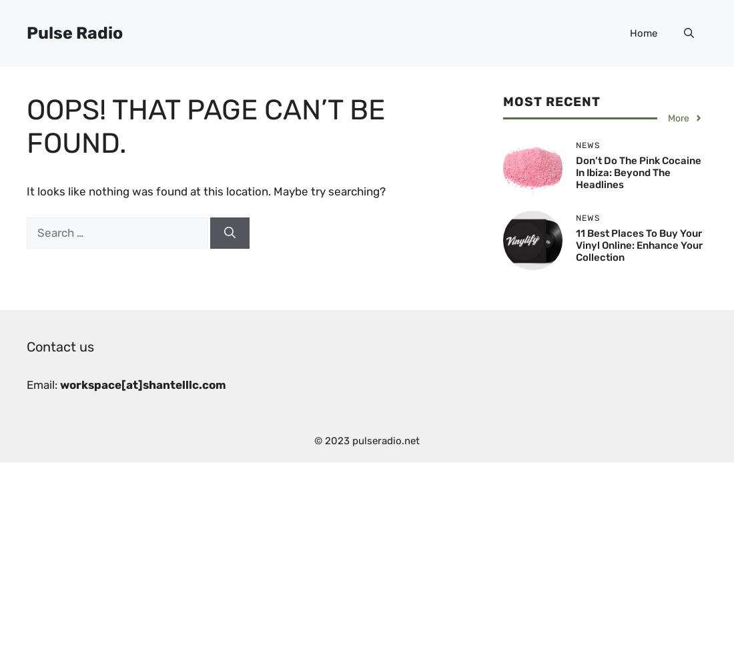 The width and height of the screenshot is (734, 667). I want to click on 'Home', so click(643, 33).